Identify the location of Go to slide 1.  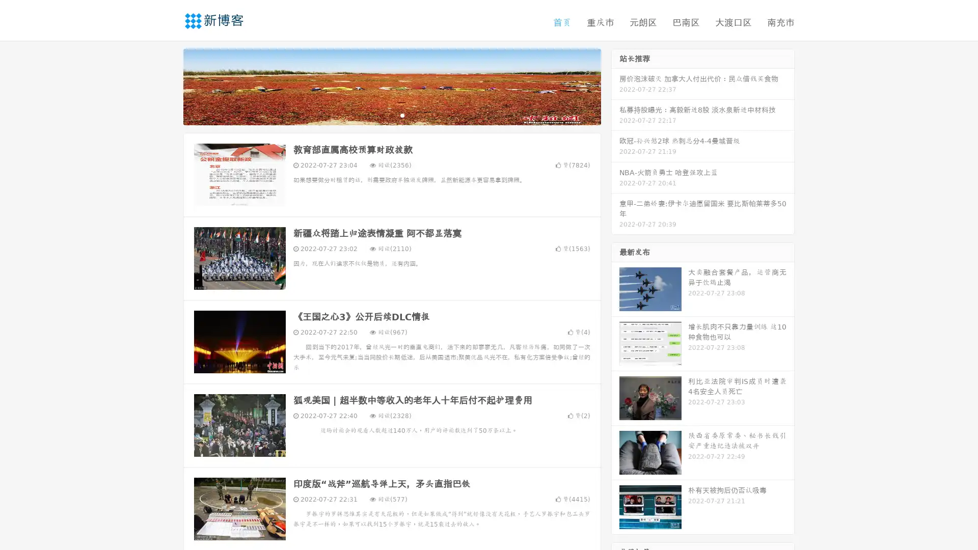
(381, 115).